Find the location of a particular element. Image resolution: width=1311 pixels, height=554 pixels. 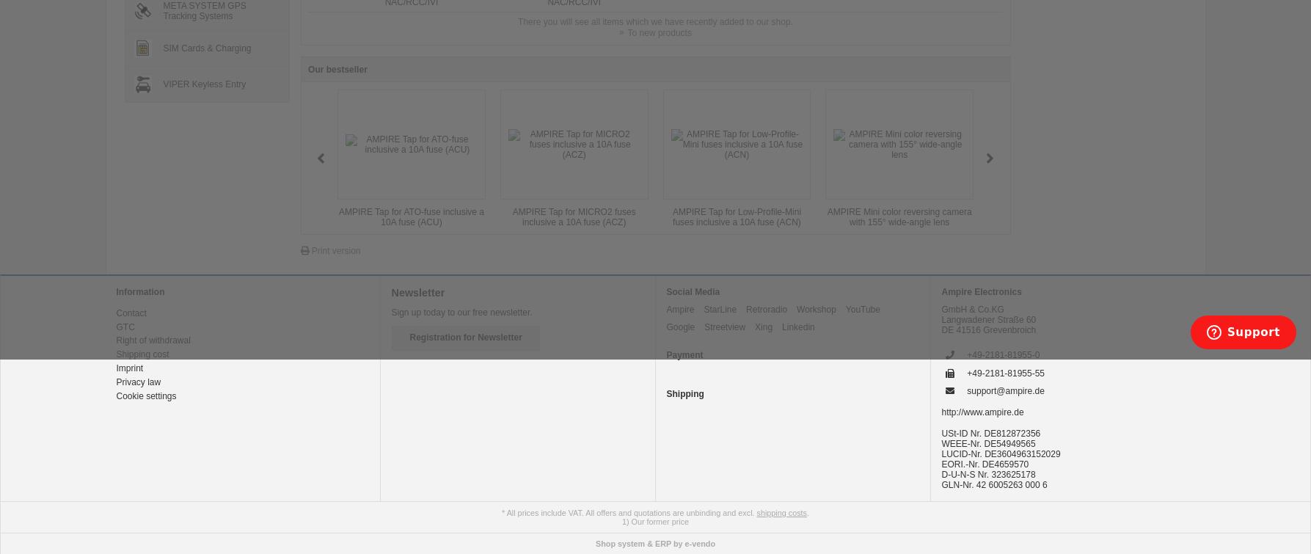

'1)' is located at coordinates (625, 520).